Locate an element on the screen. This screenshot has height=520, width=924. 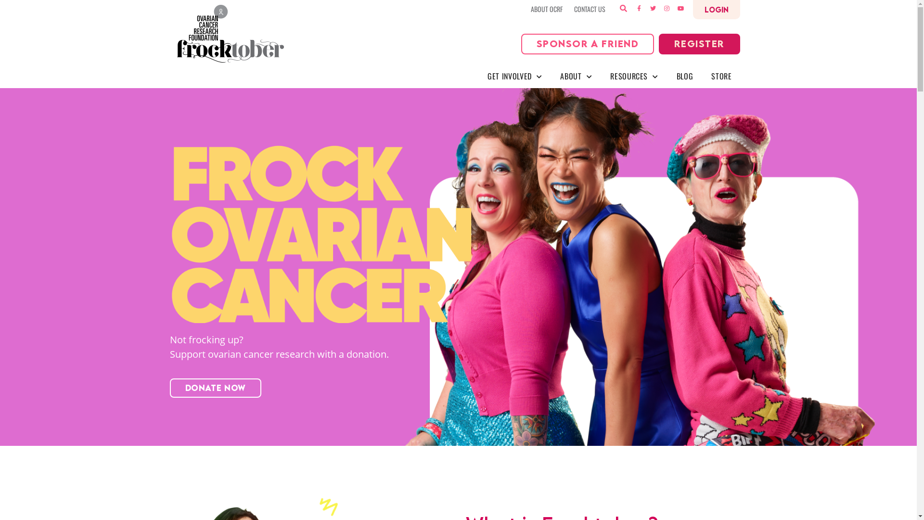
'CONTACT US' is located at coordinates (573, 9).